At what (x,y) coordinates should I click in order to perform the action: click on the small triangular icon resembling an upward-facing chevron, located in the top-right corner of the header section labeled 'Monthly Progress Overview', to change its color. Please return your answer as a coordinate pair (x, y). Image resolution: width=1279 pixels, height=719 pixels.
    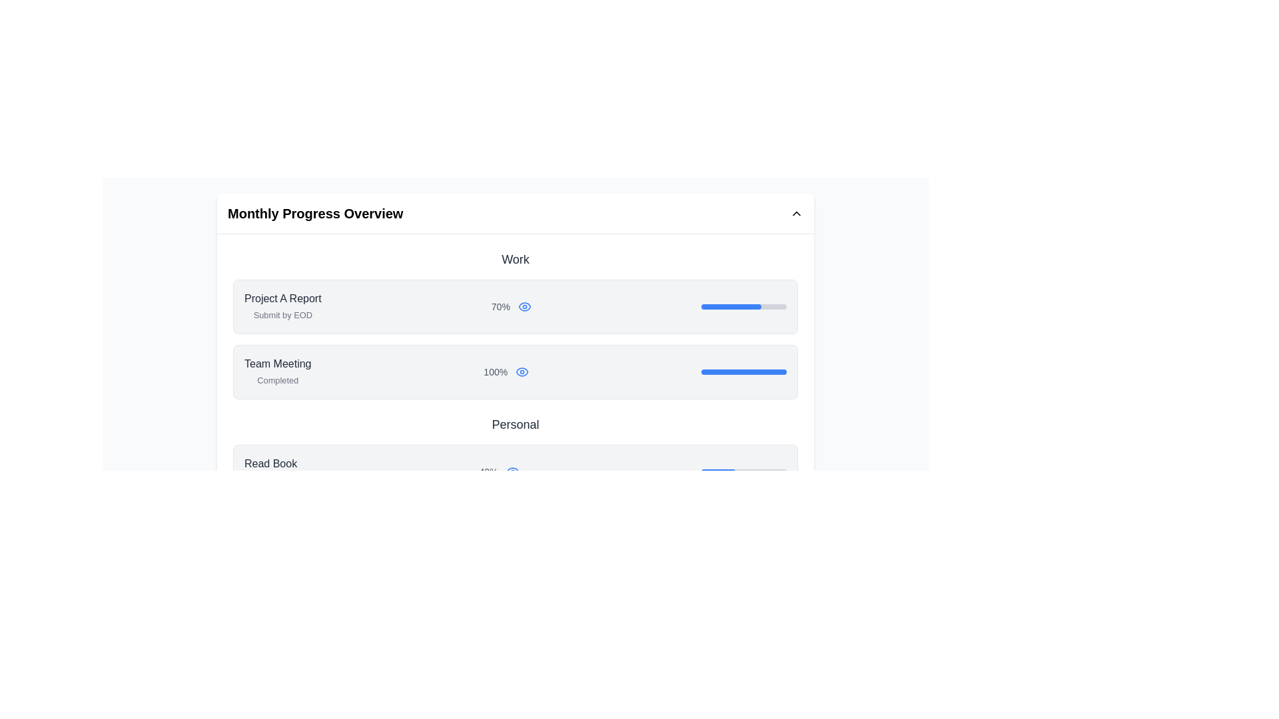
    Looking at the image, I should click on (796, 212).